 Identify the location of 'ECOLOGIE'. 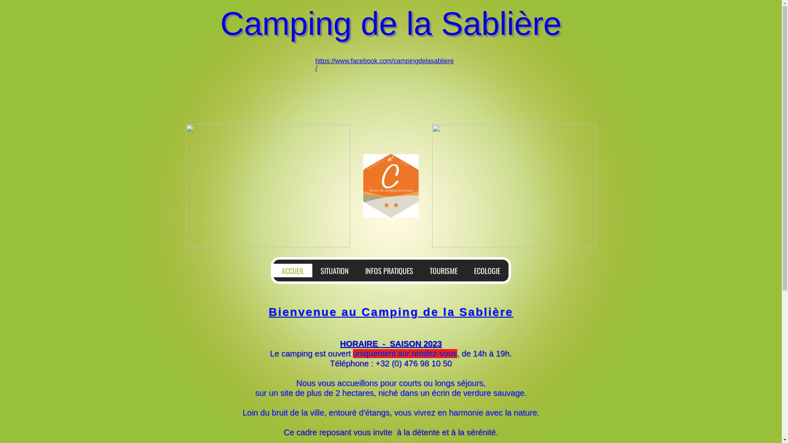
(487, 270).